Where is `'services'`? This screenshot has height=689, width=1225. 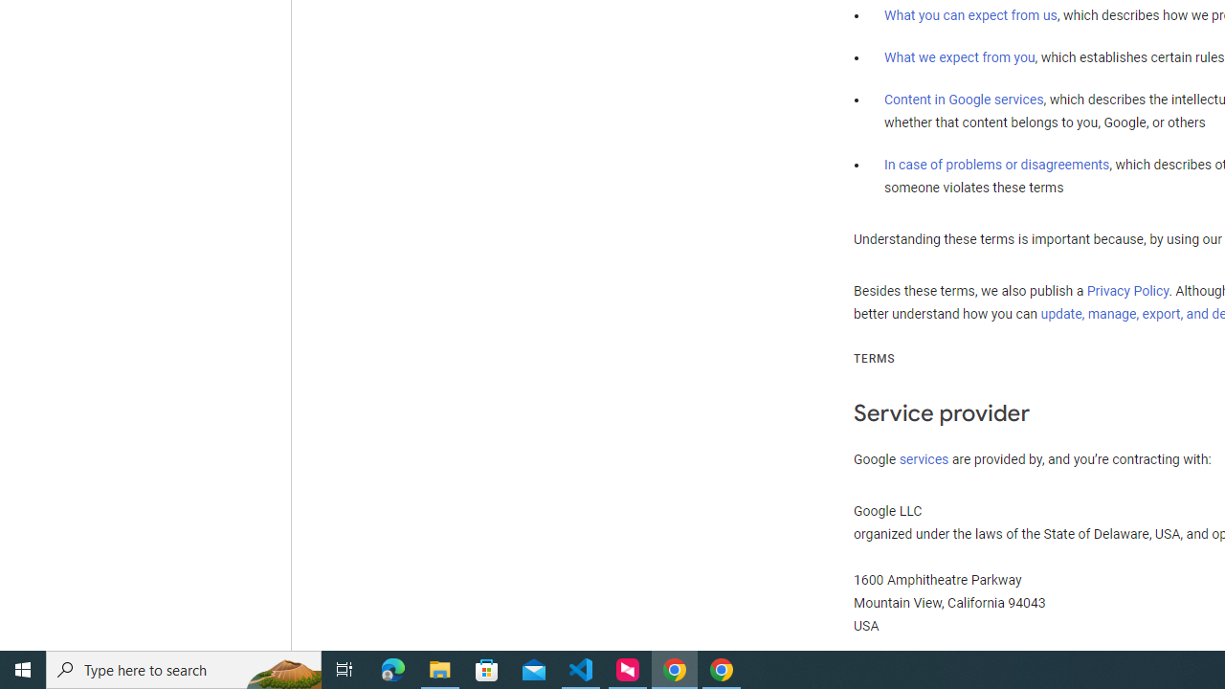
'services' is located at coordinates (924, 458).